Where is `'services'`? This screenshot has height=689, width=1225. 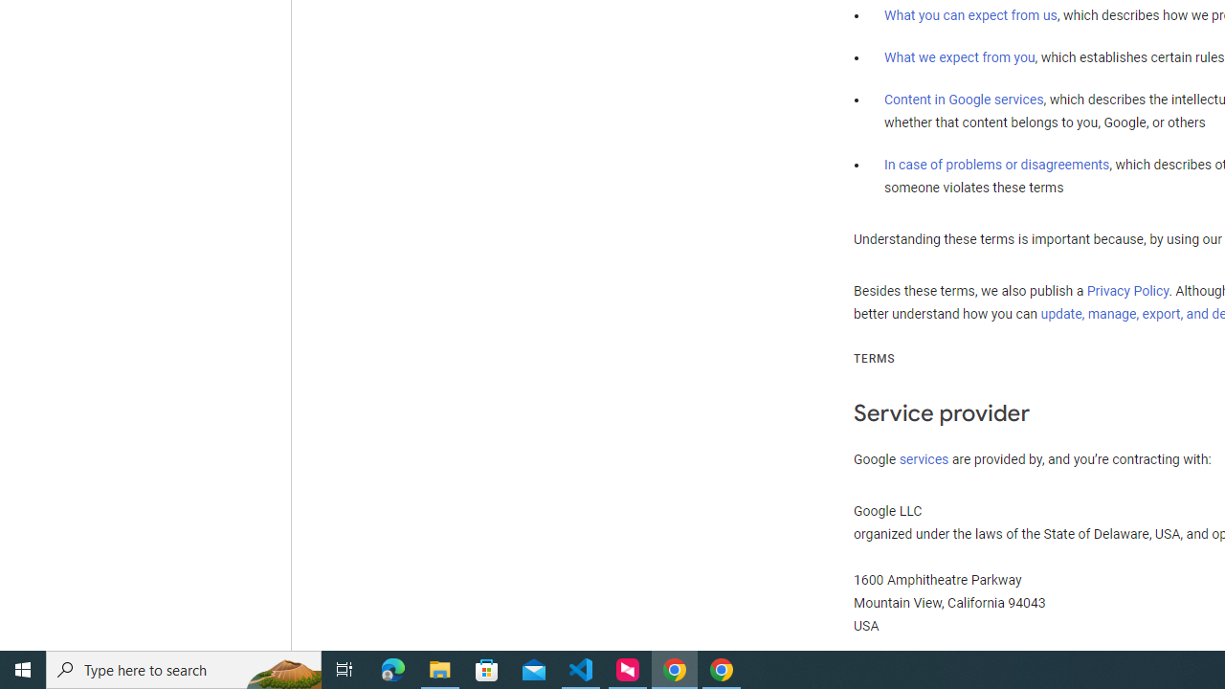
'services' is located at coordinates (924, 458).